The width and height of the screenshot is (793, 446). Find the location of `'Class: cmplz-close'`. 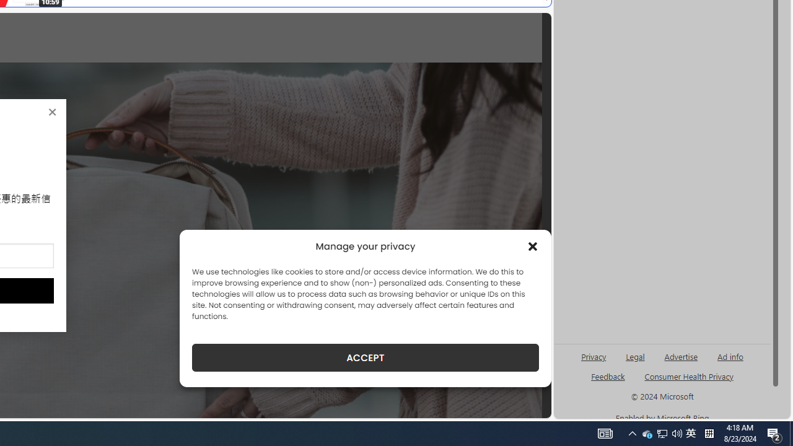

'Class: cmplz-close' is located at coordinates (533, 247).